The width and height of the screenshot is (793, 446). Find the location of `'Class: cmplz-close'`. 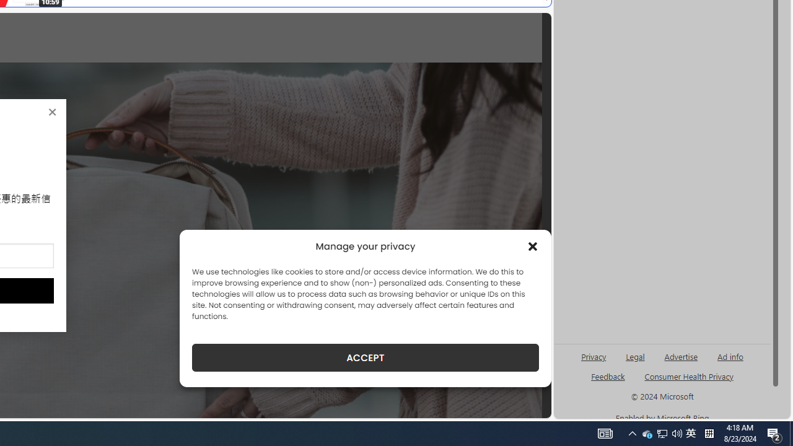

'Class: cmplz-close' is located at coordinates (533, 247).